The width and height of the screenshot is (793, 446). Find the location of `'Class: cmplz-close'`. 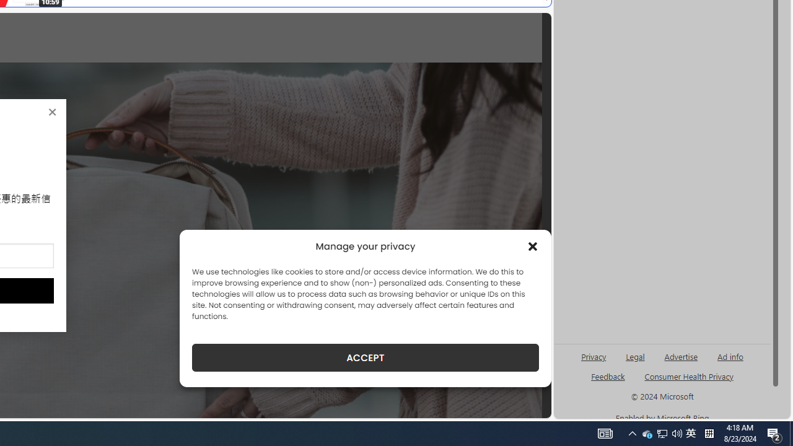

'Class: cmplz-close' is located at coordinates (533, 247).